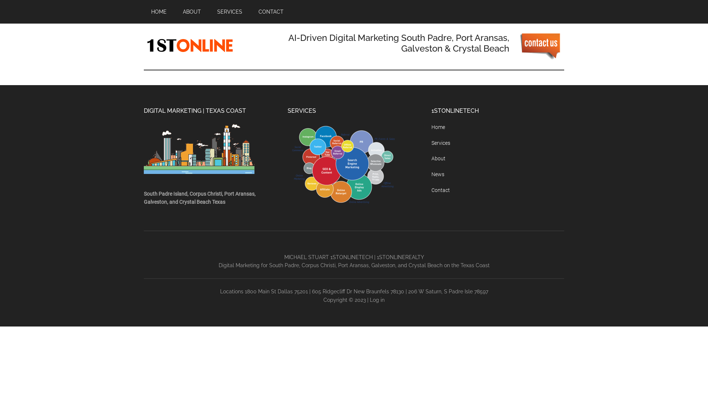 This screenshot has height=398, width=708. What do you see at coordinates (209, 11) in the screenshot?
I see `'SERVICES'` at bounding box center [209, 11].